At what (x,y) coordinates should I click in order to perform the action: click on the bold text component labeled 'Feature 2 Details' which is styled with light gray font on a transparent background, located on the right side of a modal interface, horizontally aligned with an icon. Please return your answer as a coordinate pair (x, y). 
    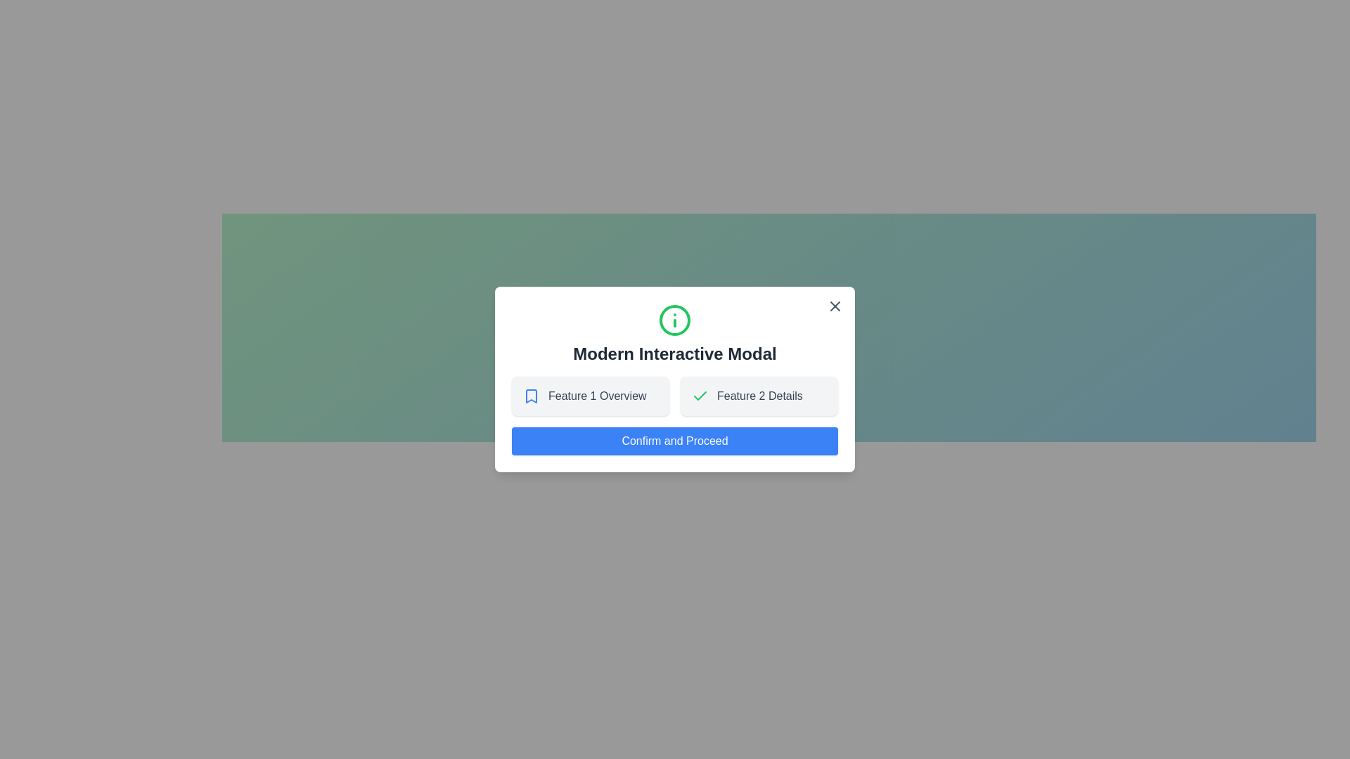
    Looking at the image, I should click on (759, 396).